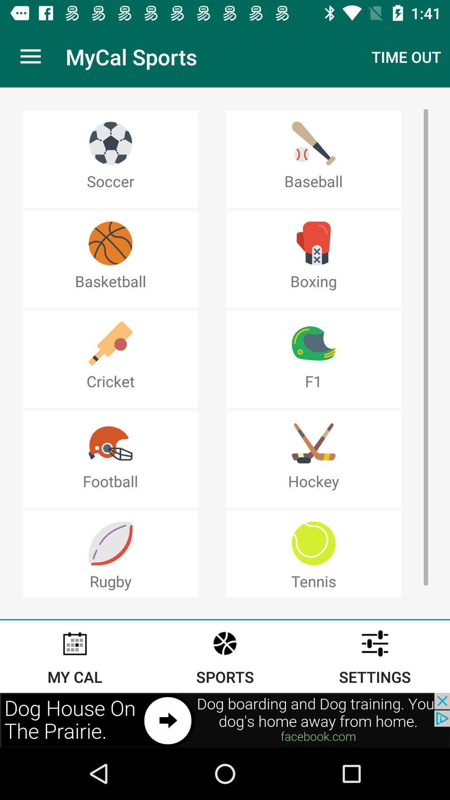  Describe the element at coordinates (406, 57) in the screenshot. I see `time out` at that location.